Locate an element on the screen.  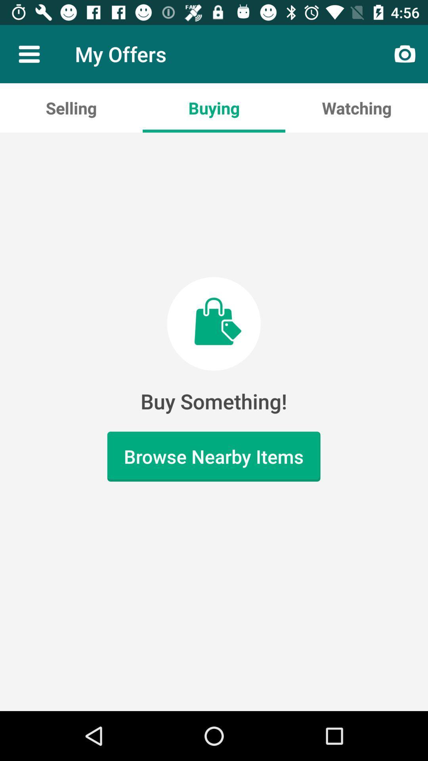
buying icon is located at coordinates (214, 107).